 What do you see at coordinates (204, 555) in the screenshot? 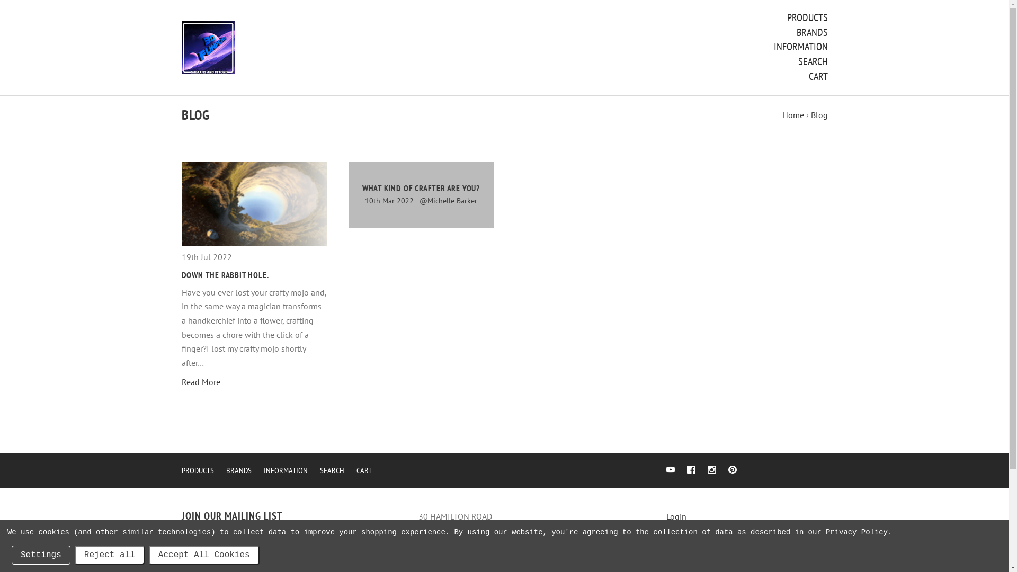
I see `'Accept All Cookies'` at bounding box center [204, 555].